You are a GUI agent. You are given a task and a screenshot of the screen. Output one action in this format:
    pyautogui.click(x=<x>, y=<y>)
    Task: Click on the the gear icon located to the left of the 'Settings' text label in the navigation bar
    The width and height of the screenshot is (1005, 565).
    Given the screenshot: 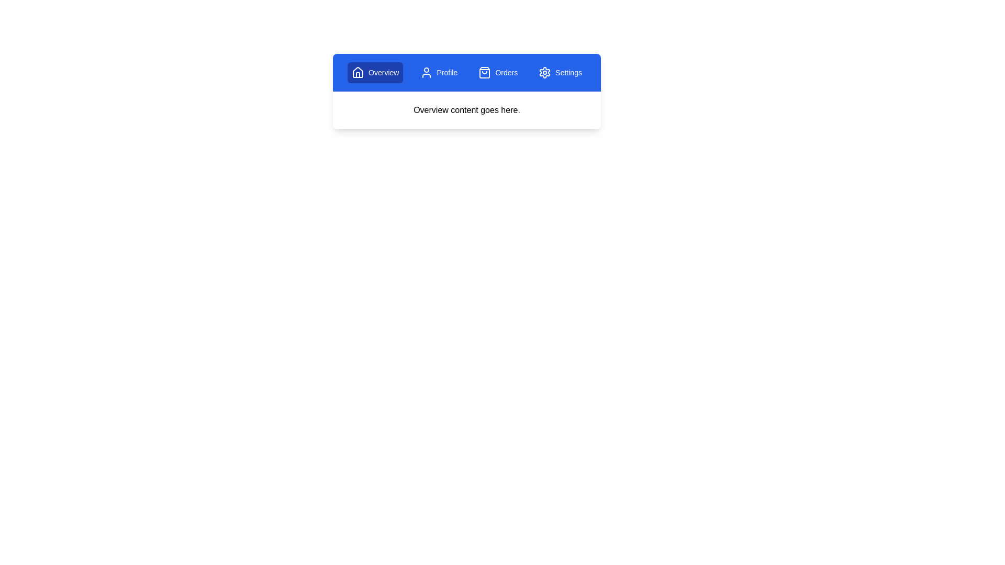 What is the action you would take?
    pyautogui.click(x=544, y=72)
    